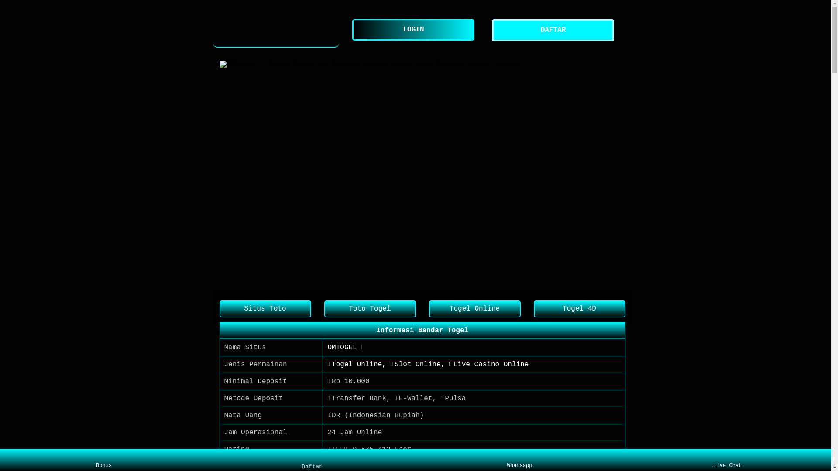 This screenshot has width=838, height=471. What do you see at coordinates (519, 460) in the screenshot?
I see `'Whatsapp'` at bounding box center [519, 460].